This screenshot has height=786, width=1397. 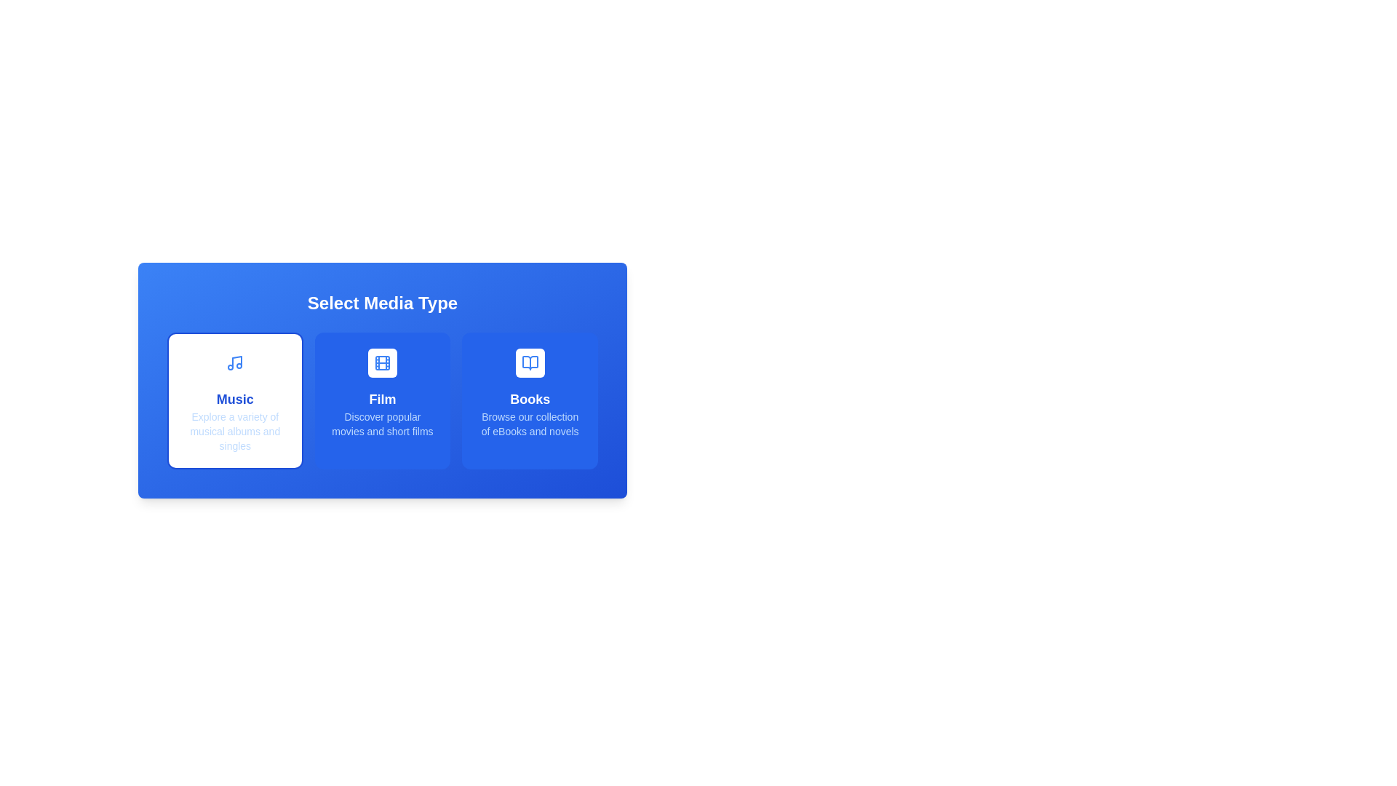 I want to click on the small square button with a blue musical note icon that is located within the 'Music' card in the 'Select Media Type' section, so click(x=234, y=362).